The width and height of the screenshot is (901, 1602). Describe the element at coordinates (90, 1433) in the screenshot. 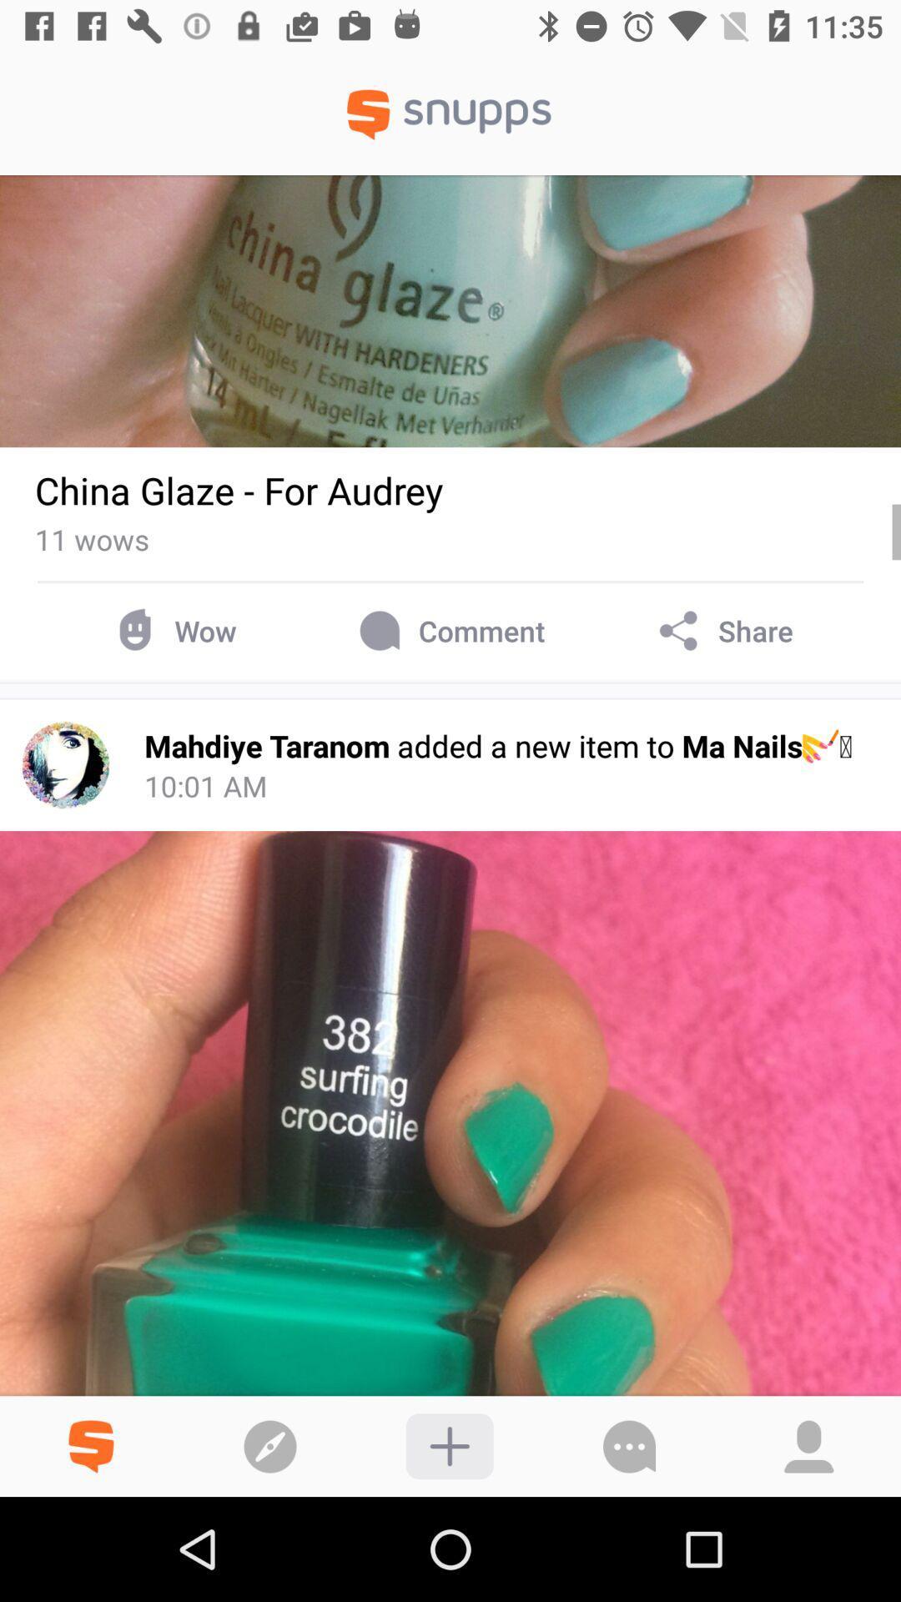

I see `the icon which is just beside the navigator icon` at that location.